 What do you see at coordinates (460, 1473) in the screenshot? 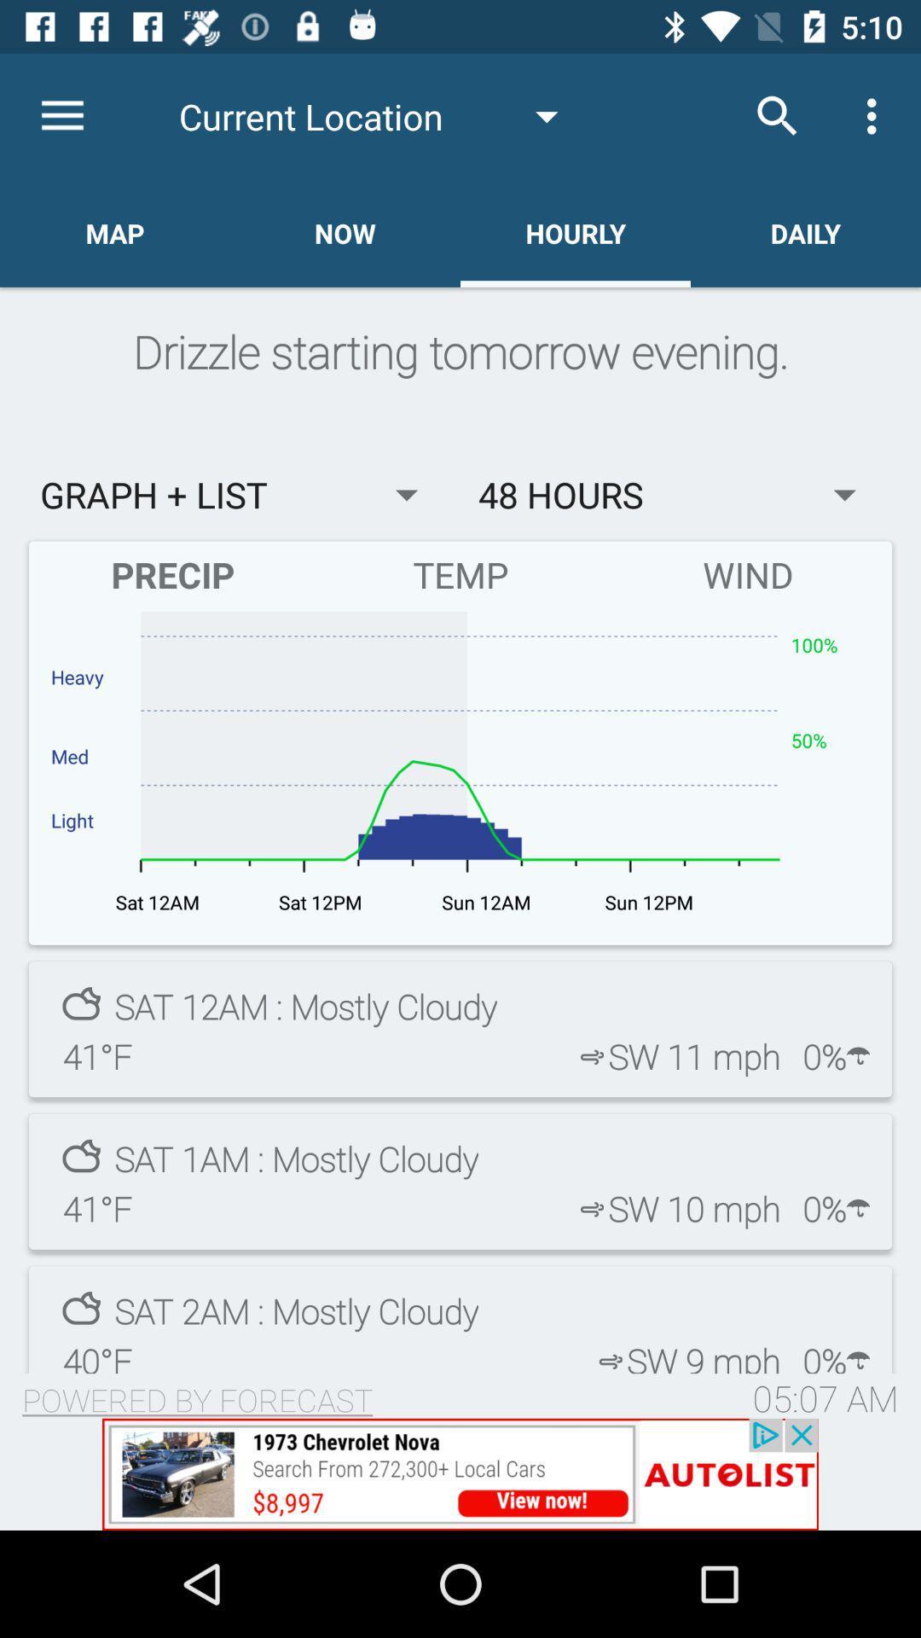
I see `1973 chevy nova for 8,997.00` at bounding box center [460, 1473].